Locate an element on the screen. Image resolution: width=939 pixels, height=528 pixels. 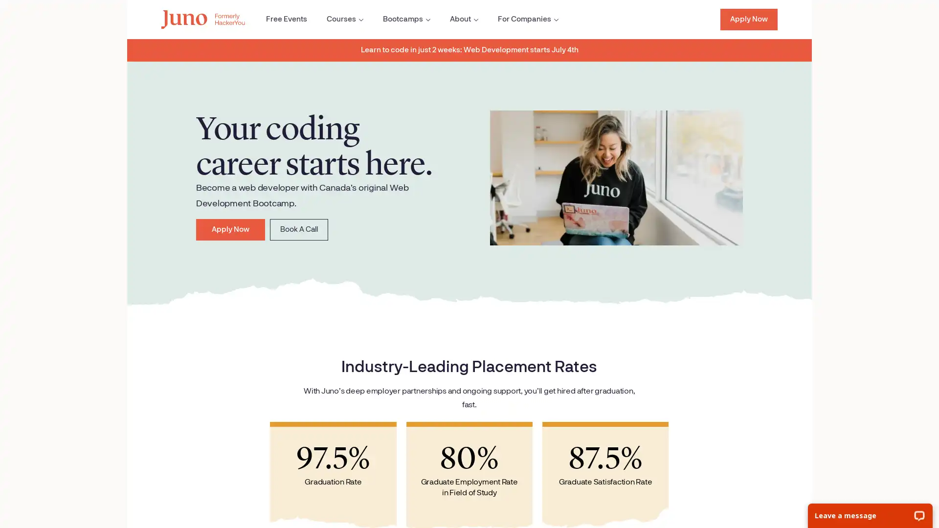
Open the Bootcamps sub menu. is located at coordinates (398, 19).